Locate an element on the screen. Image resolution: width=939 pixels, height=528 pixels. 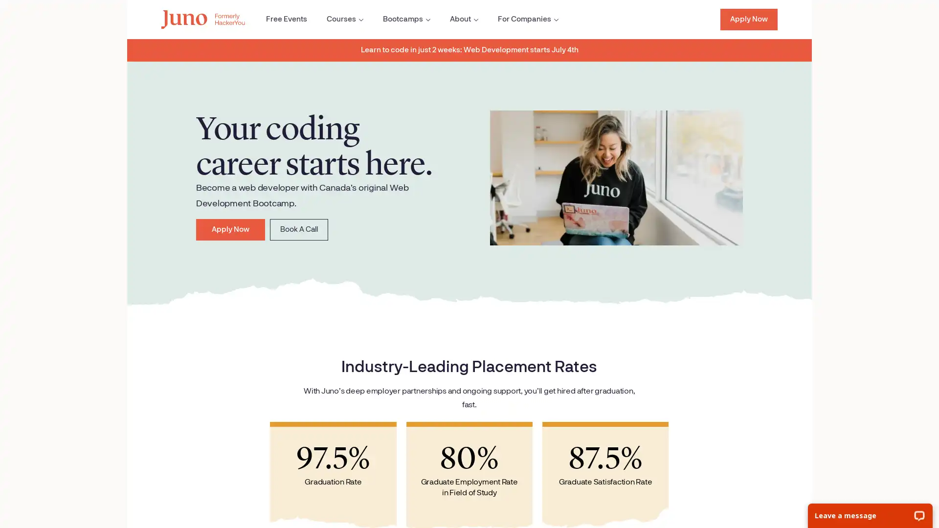
Open the Bootcamps sub menu. is located at coordinates (398, 19).